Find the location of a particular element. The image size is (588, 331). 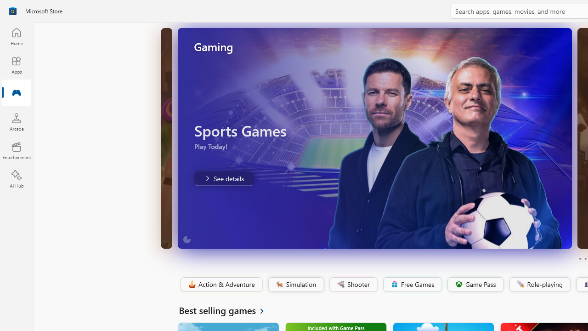

'AI Hub' is located at coordinates (16, 179).